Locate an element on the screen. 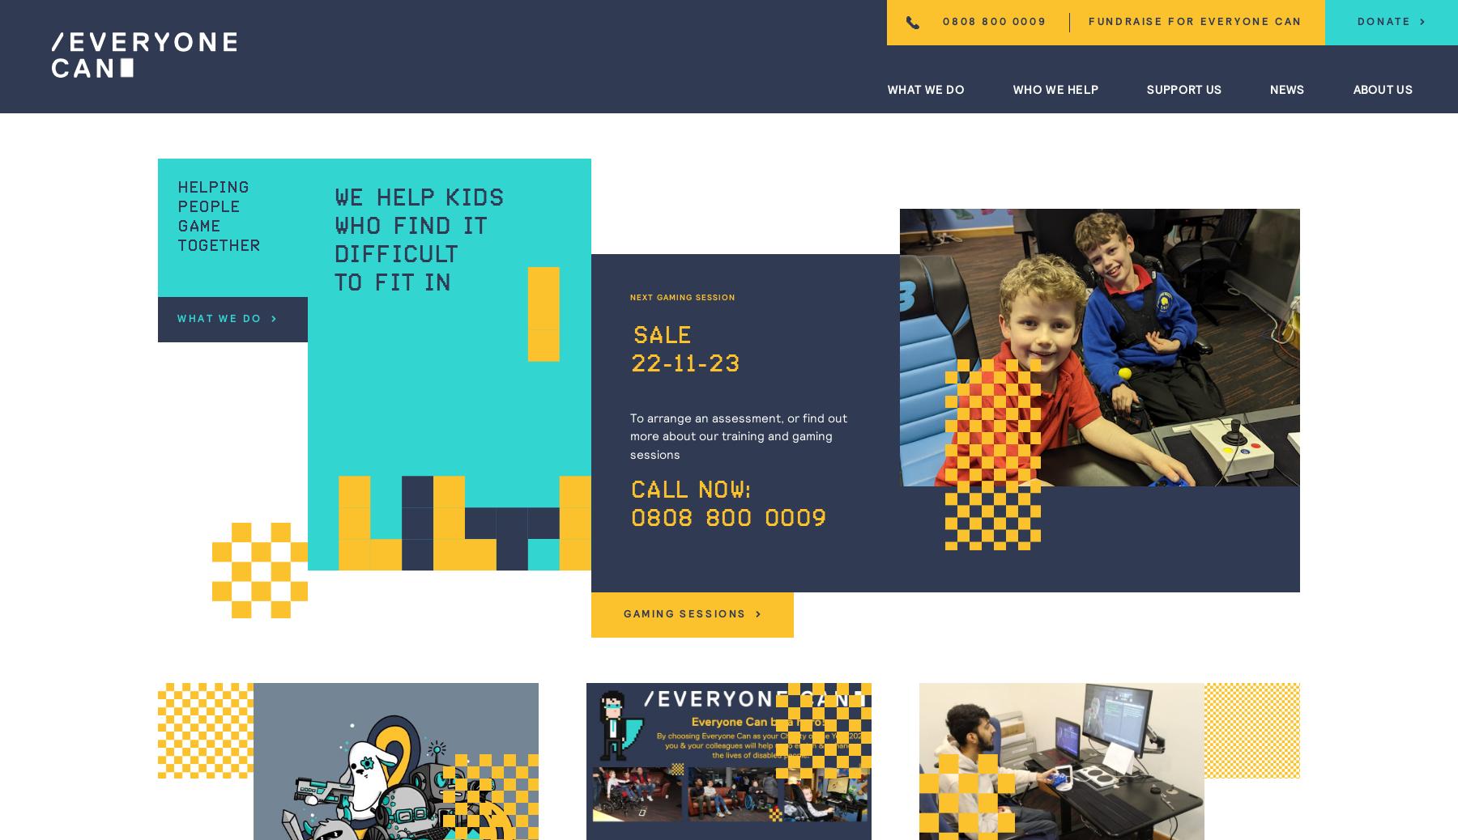 The width and height of the screenshot is (1458, 840). 'We help kids' is located at coordinates (417, 197).